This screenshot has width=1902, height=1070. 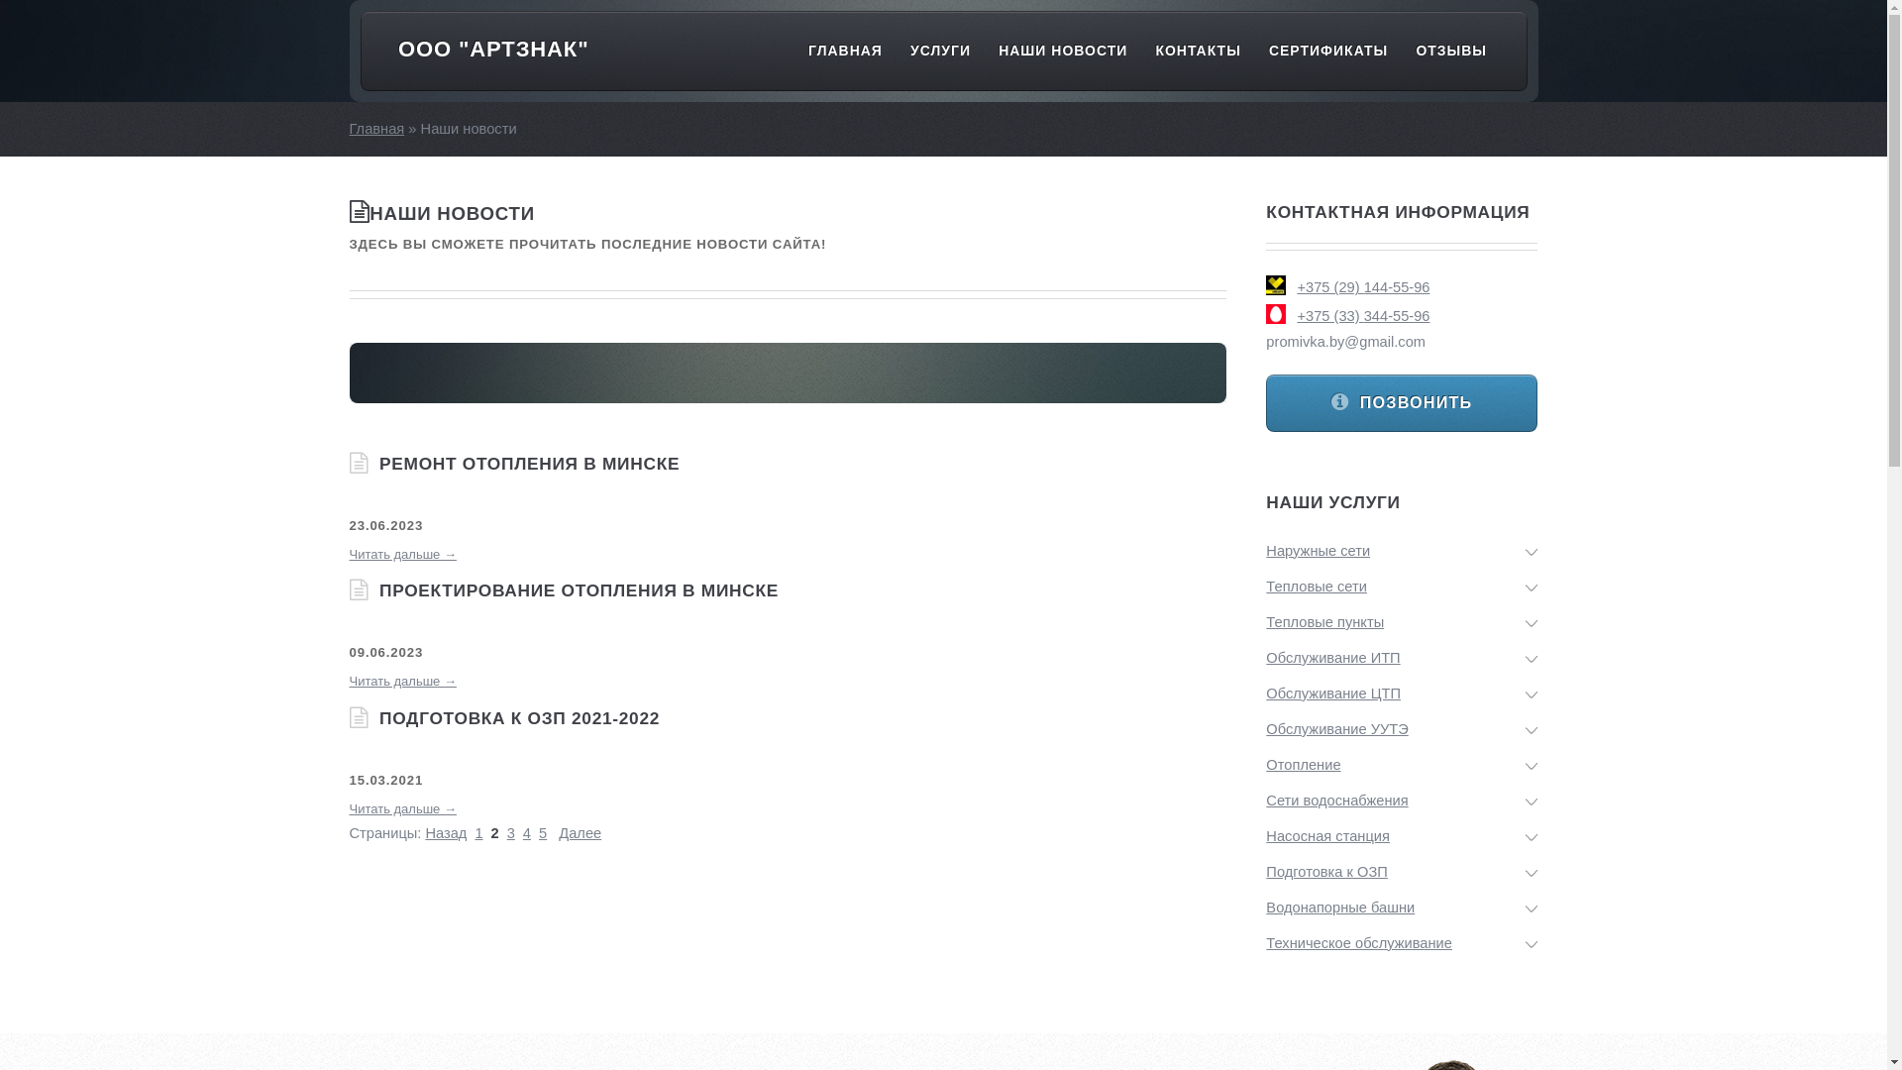 I want to click on '+375 (33) 344-55-96', so click(x=1401, y=314).